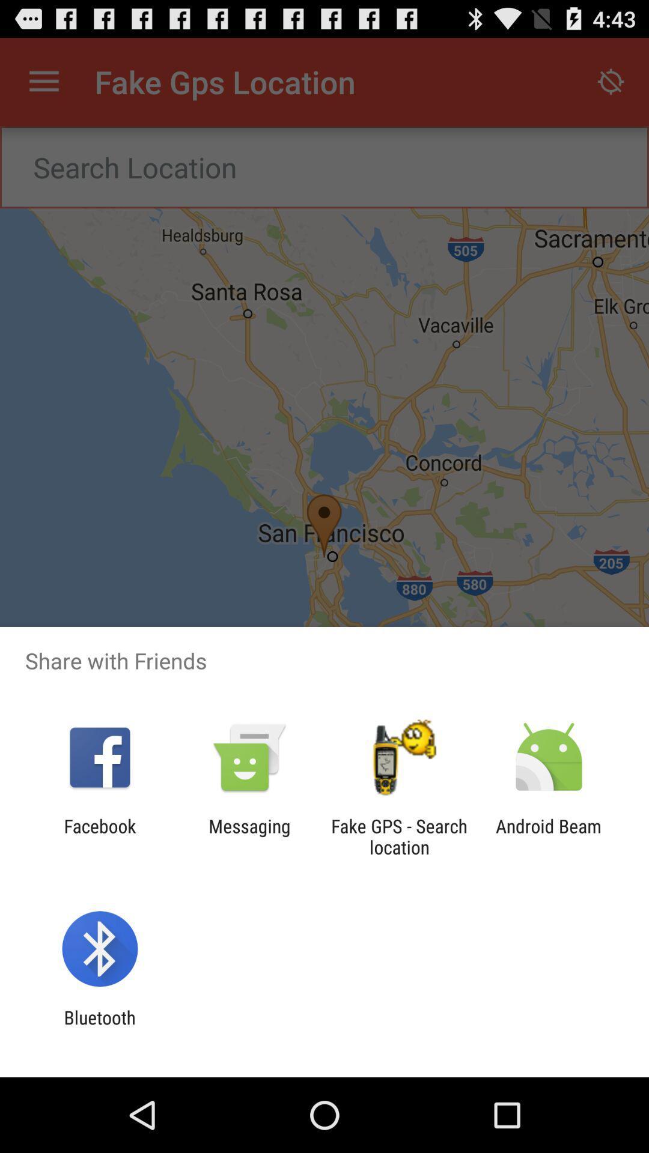 Image resolution: width=649 pixels, height=1153 pixels. What do you see at coordinates (549, 836) in the screenshot?
I see `the app at the bottom right corner` at bounding box center [549, 836].